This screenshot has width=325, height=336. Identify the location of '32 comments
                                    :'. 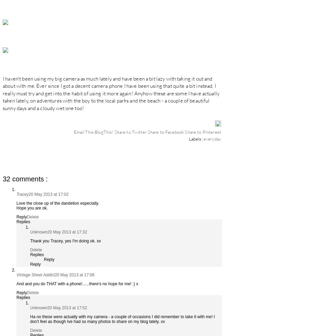
(25, 178).